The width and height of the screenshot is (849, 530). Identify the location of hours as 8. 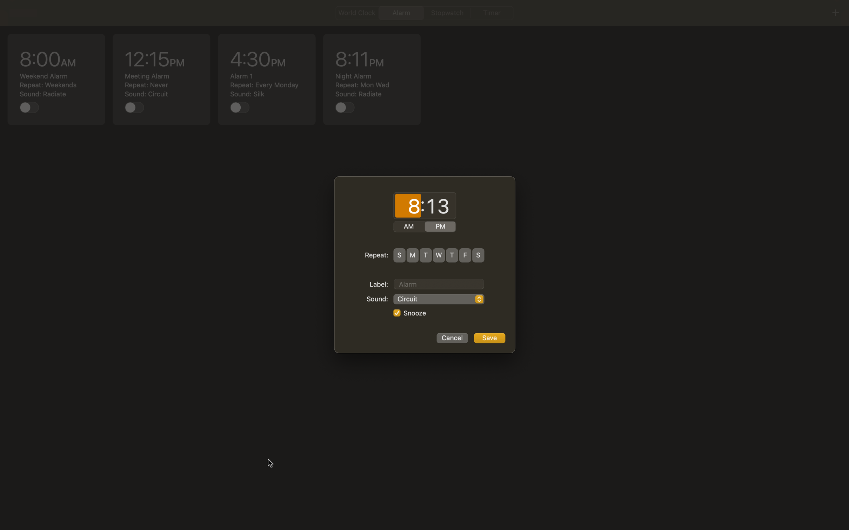
(408, 206).